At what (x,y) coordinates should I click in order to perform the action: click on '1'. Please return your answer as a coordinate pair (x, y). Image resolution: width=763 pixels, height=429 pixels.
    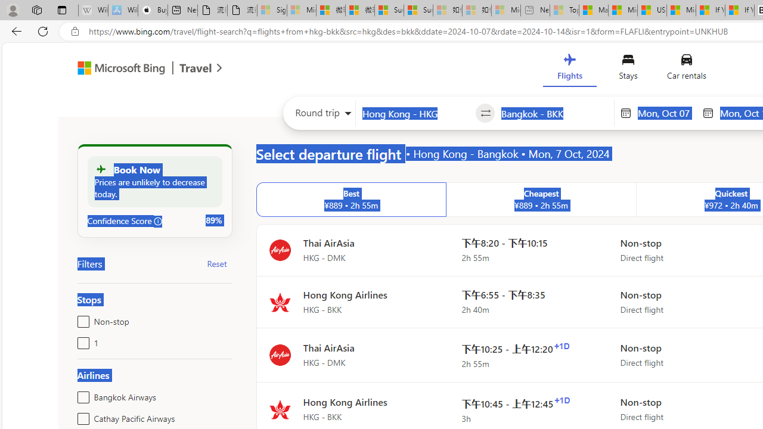
    Looking at the image, I should click on (80, 341).